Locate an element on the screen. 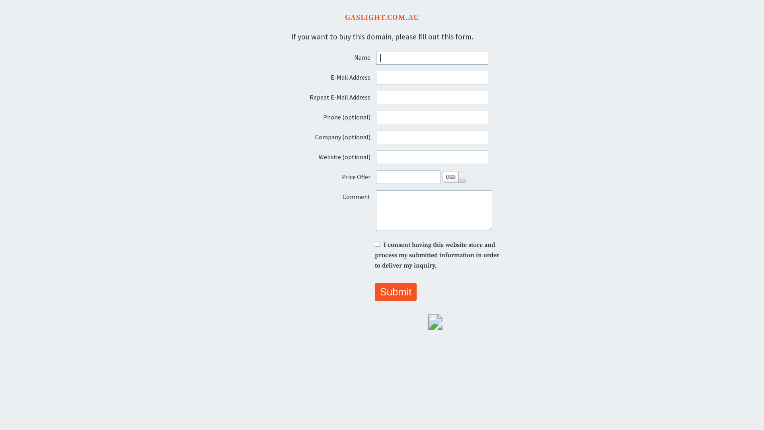  'USD' is located at coordinates (454, 176).